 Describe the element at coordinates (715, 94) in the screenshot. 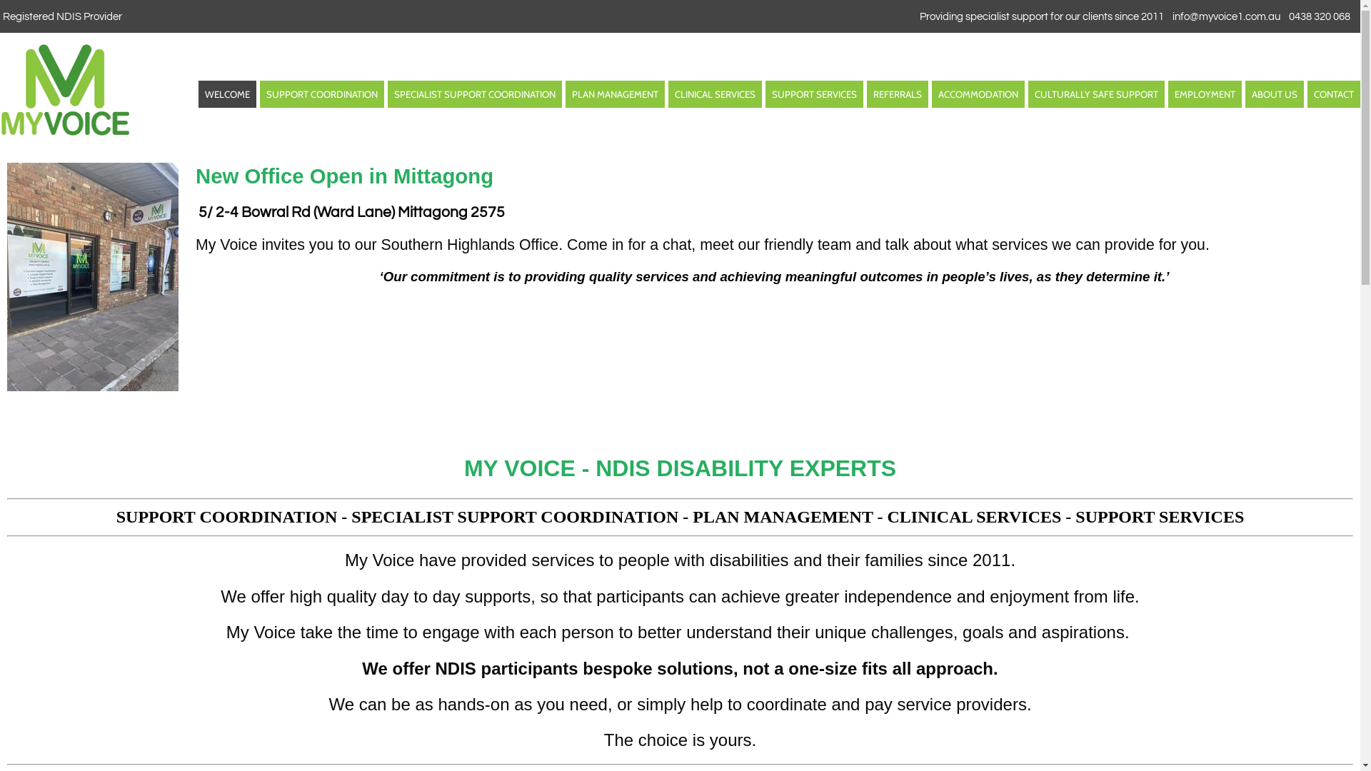

I see `'CLINICAL SERVICES'` at that location.